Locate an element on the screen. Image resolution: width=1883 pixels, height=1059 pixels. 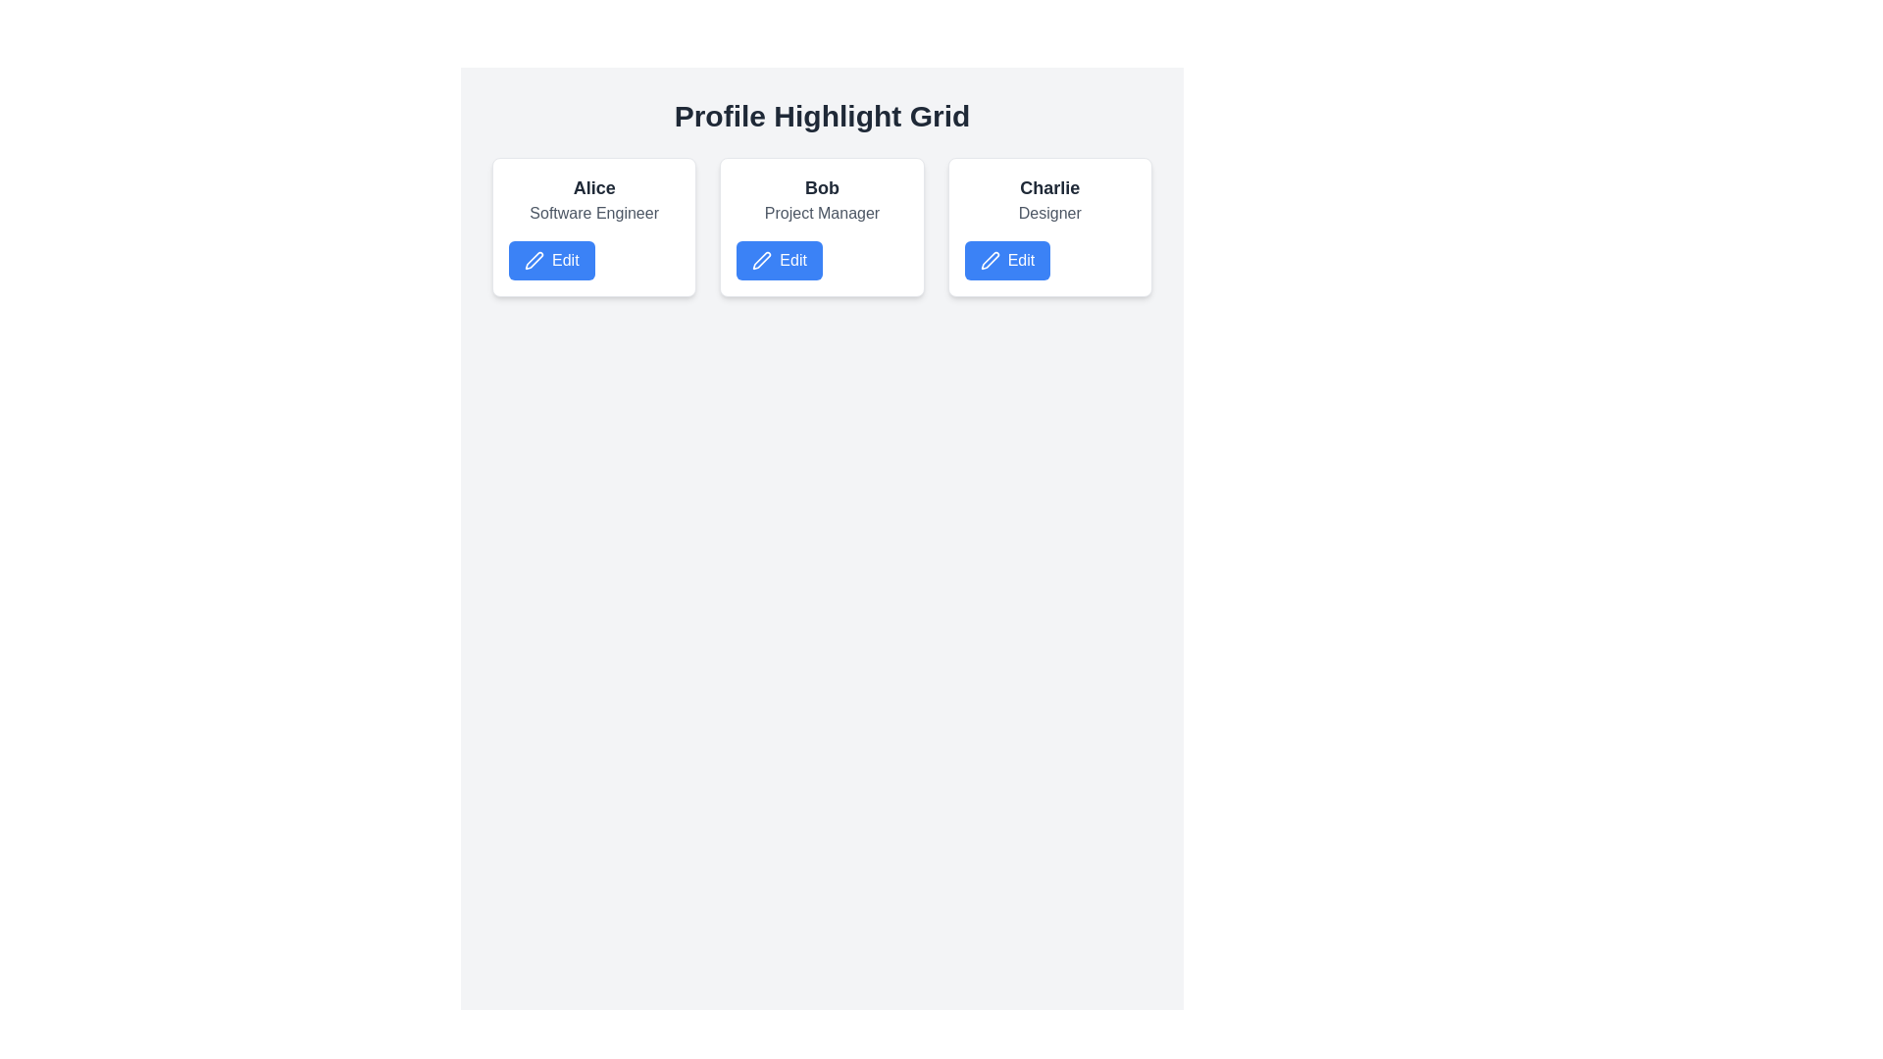
the bold, large-sized text displaying the name 'Bob' at the top-center of the profile card is located at coordinates (822, 188).